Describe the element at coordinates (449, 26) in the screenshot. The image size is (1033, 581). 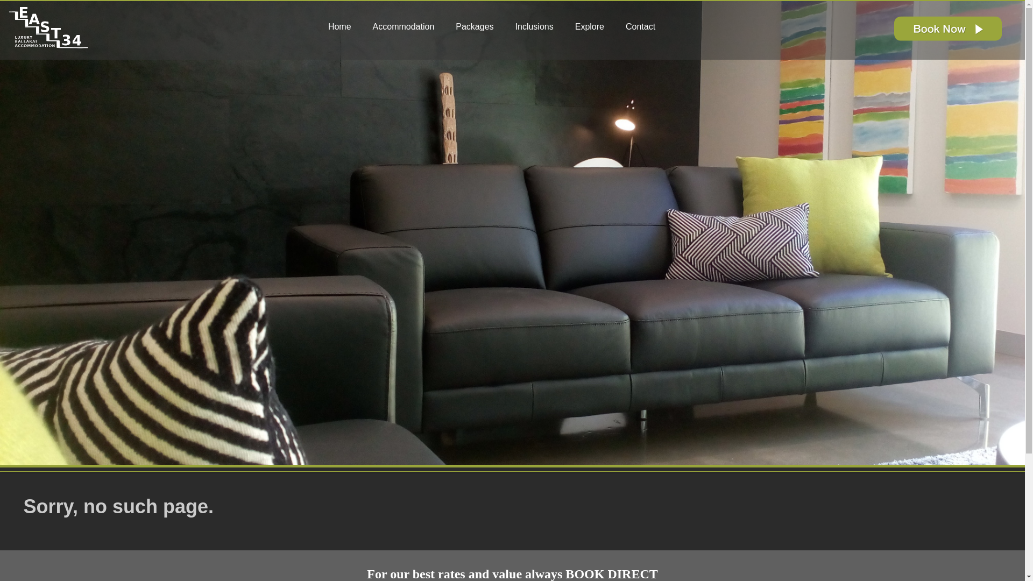
I see `'Packages'` at that location.